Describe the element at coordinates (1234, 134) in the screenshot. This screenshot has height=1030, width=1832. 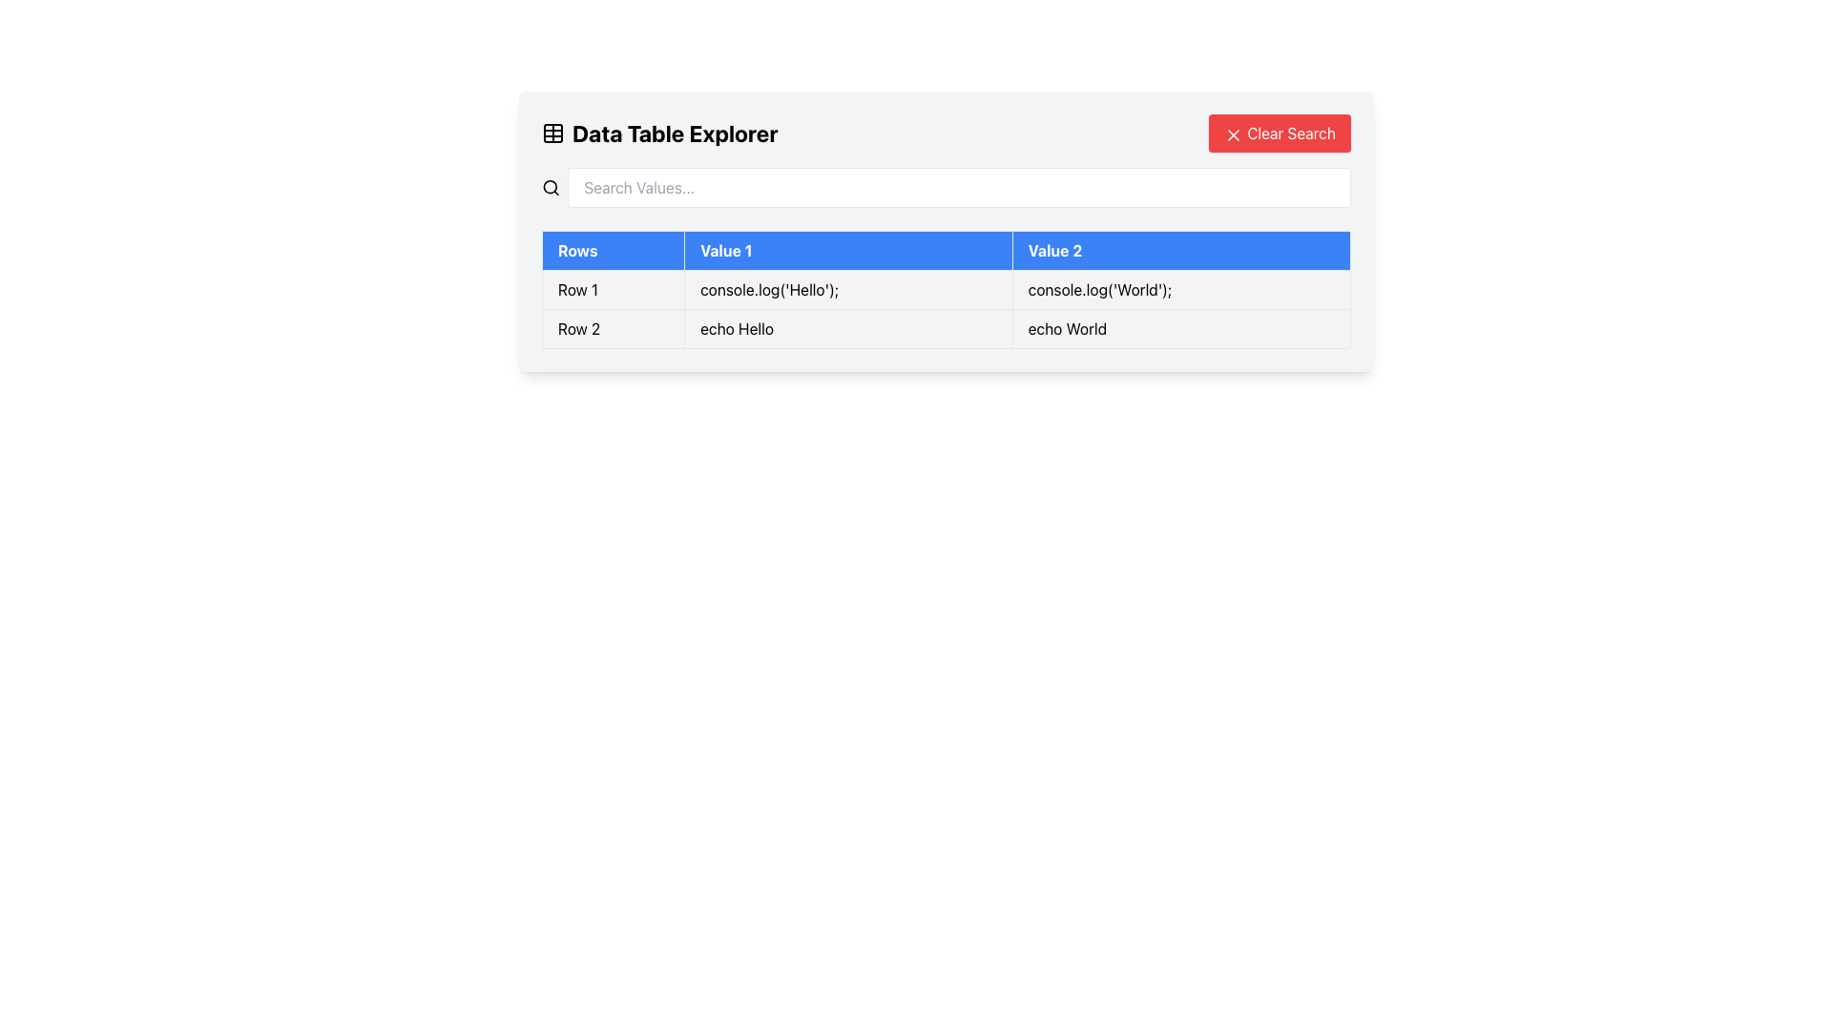
I see `the Close Icon located at the top-right corner of the interface, adjacent to the search bar labeled 'Search Values'` at that location.